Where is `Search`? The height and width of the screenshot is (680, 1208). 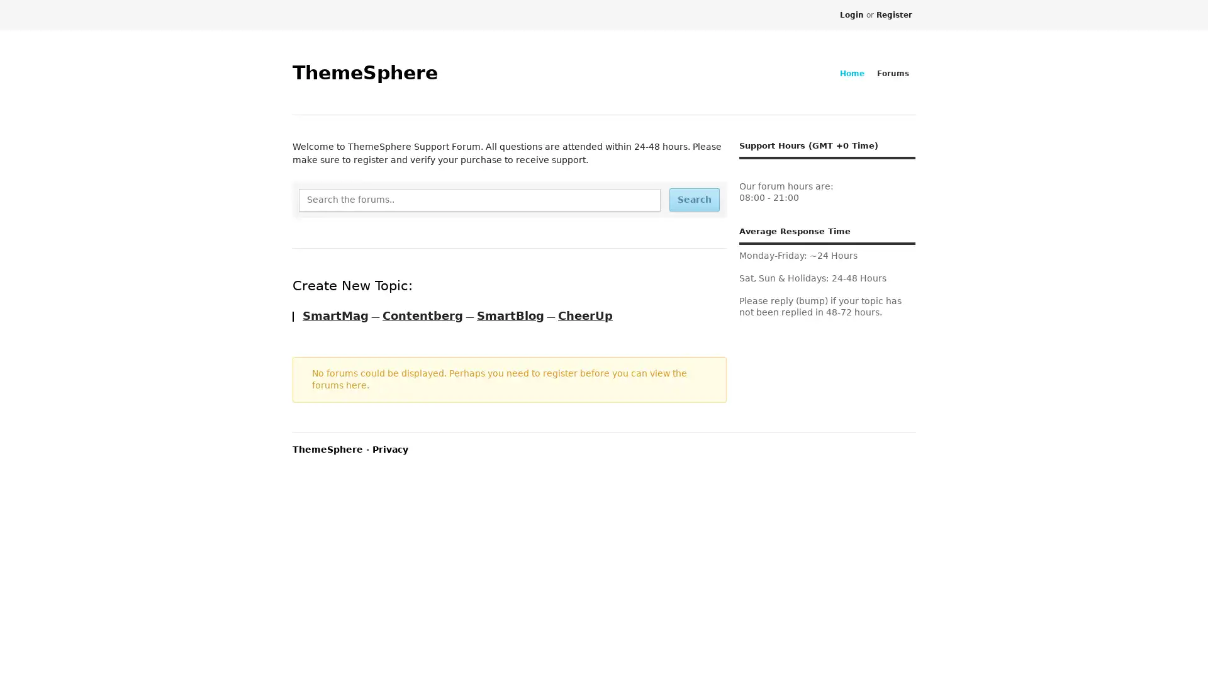 Search is located at coordinates (694, 199).